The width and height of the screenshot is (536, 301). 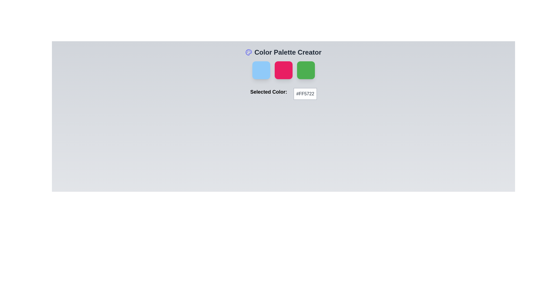 What do you see at coordinates (305, 93) in the screenshot?
I see `the static text box displaying the color code '#FF5722', which is located to the right of the label 'Selected Color:' and has a white background with a gray border` at bounding box center [305, 93].